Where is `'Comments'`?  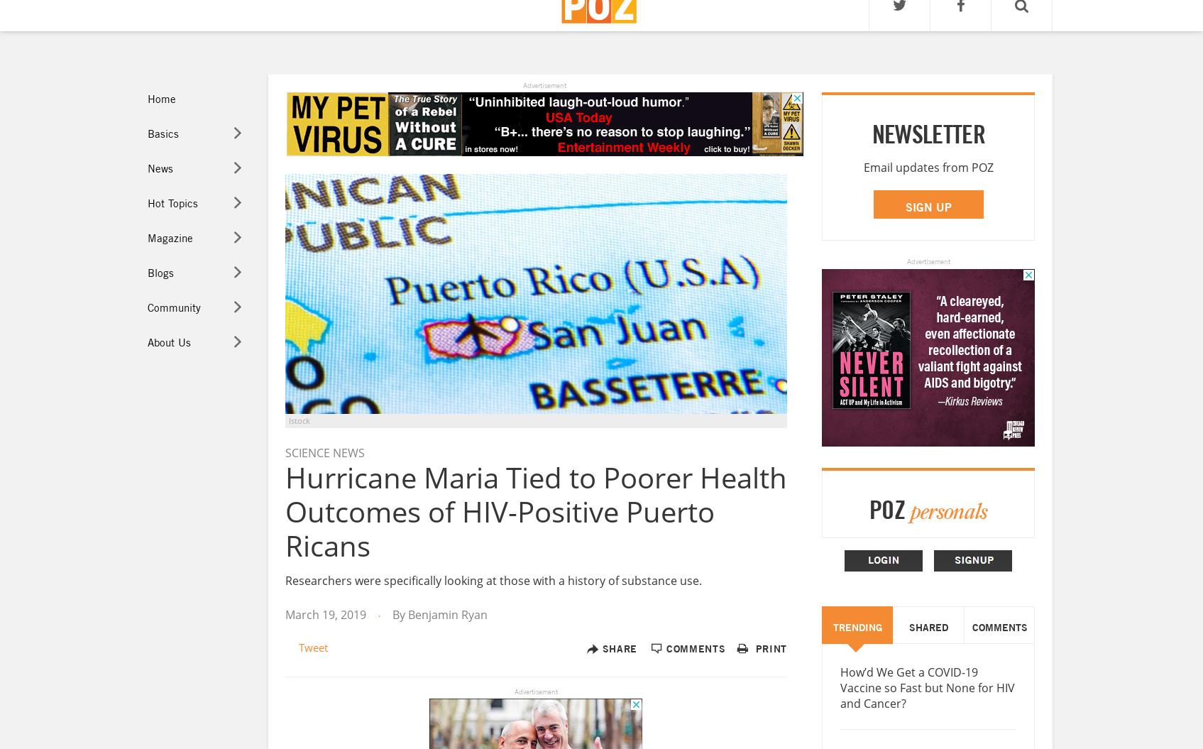
'Comments' is located at coordinates (666, 646).